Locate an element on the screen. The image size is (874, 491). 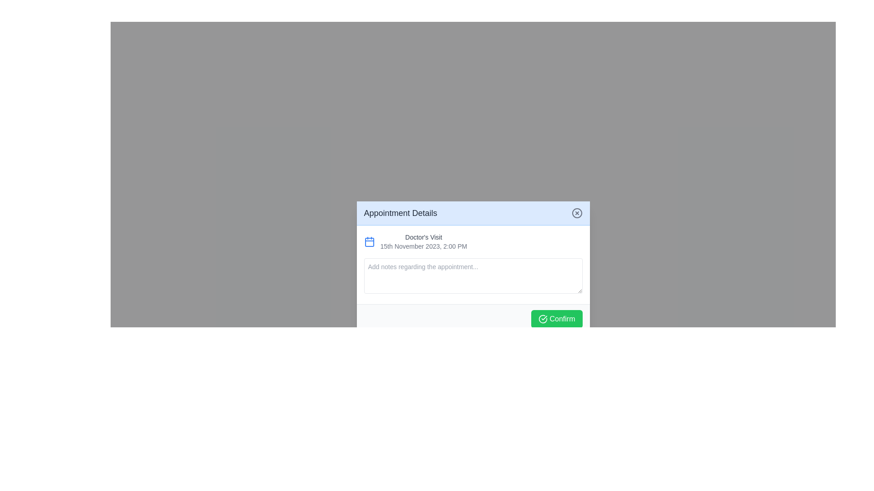
the 'Confirm' button with a green background and checkmark icon at the bottom-right corner of the 'Appointment Details' dialog is located at coordinates (556, 318).